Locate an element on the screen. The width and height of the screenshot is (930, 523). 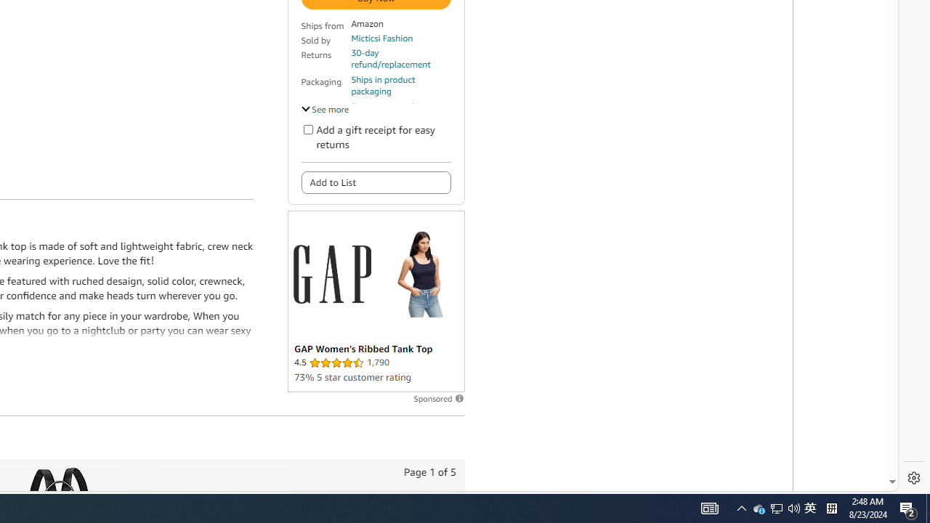
'Add to List' is located at coordinates (376, 182).